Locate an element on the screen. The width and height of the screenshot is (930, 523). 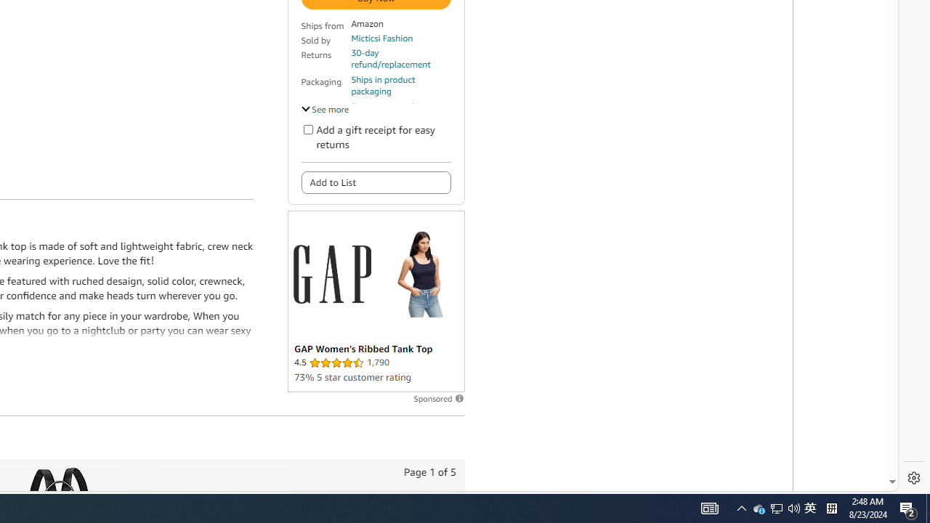
'Add to List' is located at coordinates (376, 182).